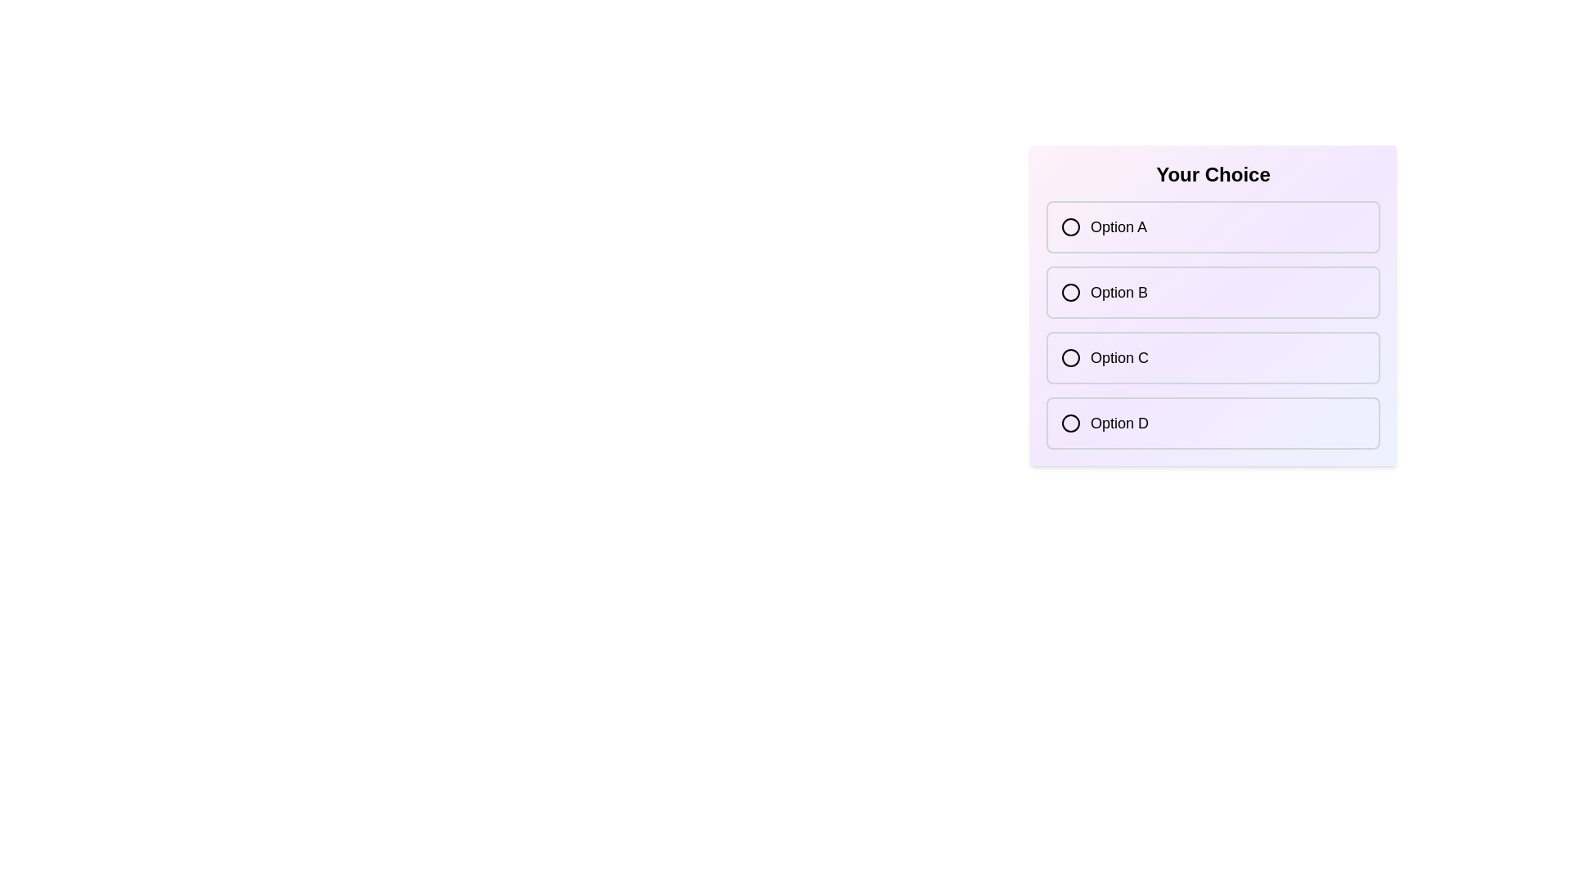 This screenshot has width=1571, height=883. I want to click on the option Option D from the list, so click(1213, 422).